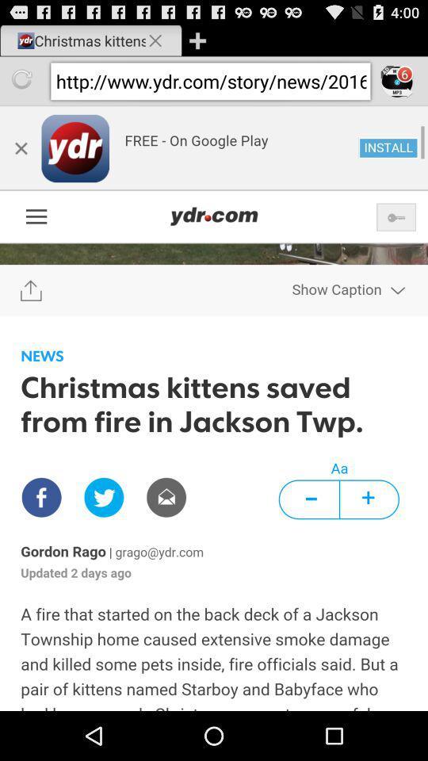 The width and height of the screenshot is (428, 761). What do you see at coordinates (214, 407) in the screenshot?
I see `share the article` at bounding box center [214, 407].